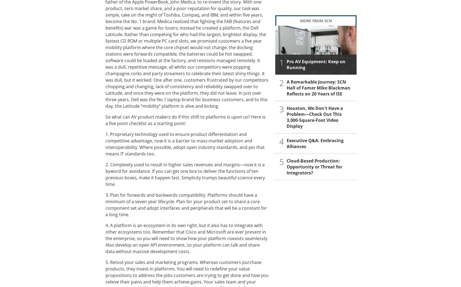 The width and height of the screenshot is (461, 287). Describe the element at coordinates (185, 120) in the screenshot. I see `'So what can AV product makers do if this shift to platforms is upon us? Here is a five point checklist as a starting point:'` at that location.